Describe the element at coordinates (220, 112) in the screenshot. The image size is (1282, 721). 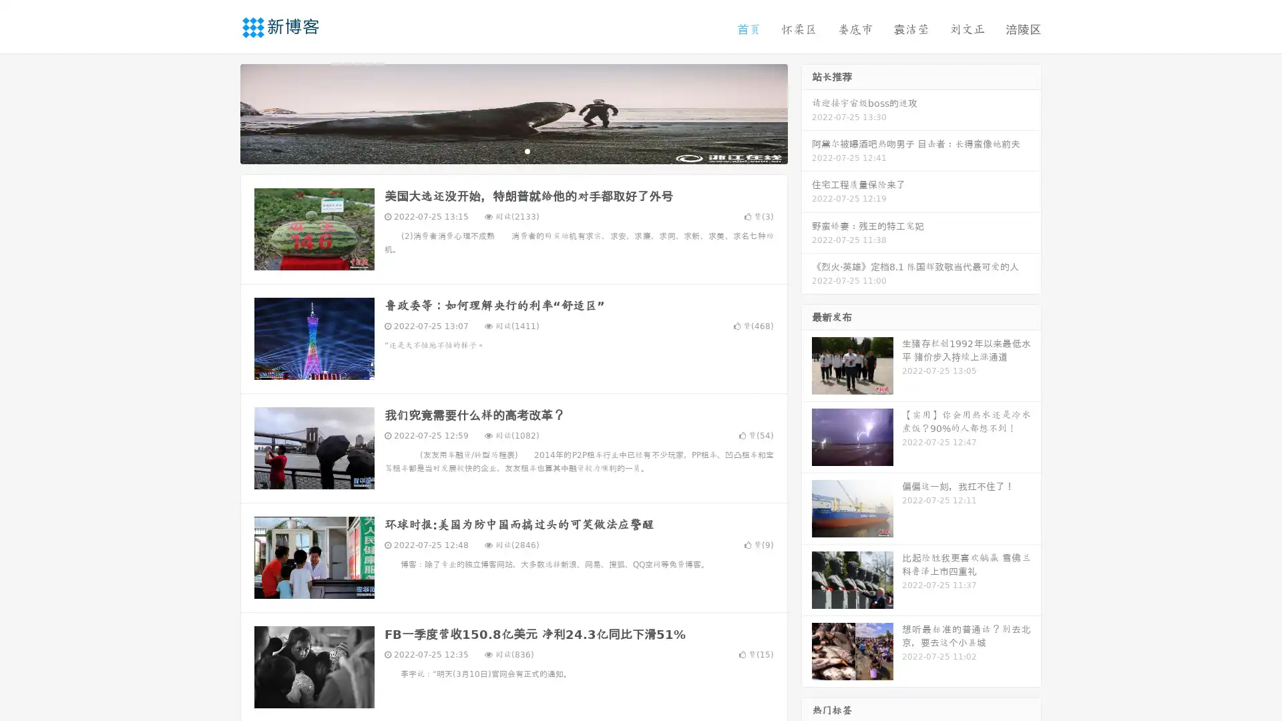
I see `Previous slide` at that location.